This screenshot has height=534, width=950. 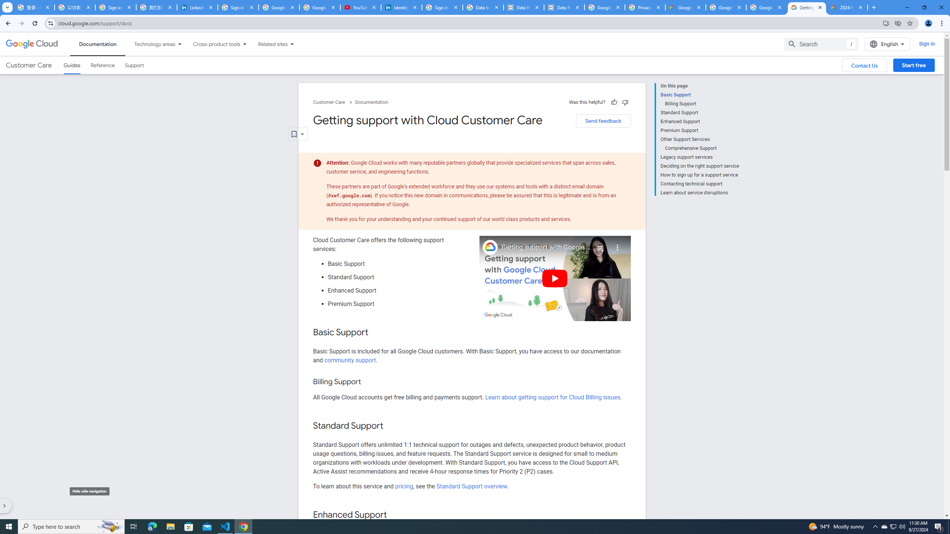 I want to click on 'Legacy support services', so click(x=699, y=157).